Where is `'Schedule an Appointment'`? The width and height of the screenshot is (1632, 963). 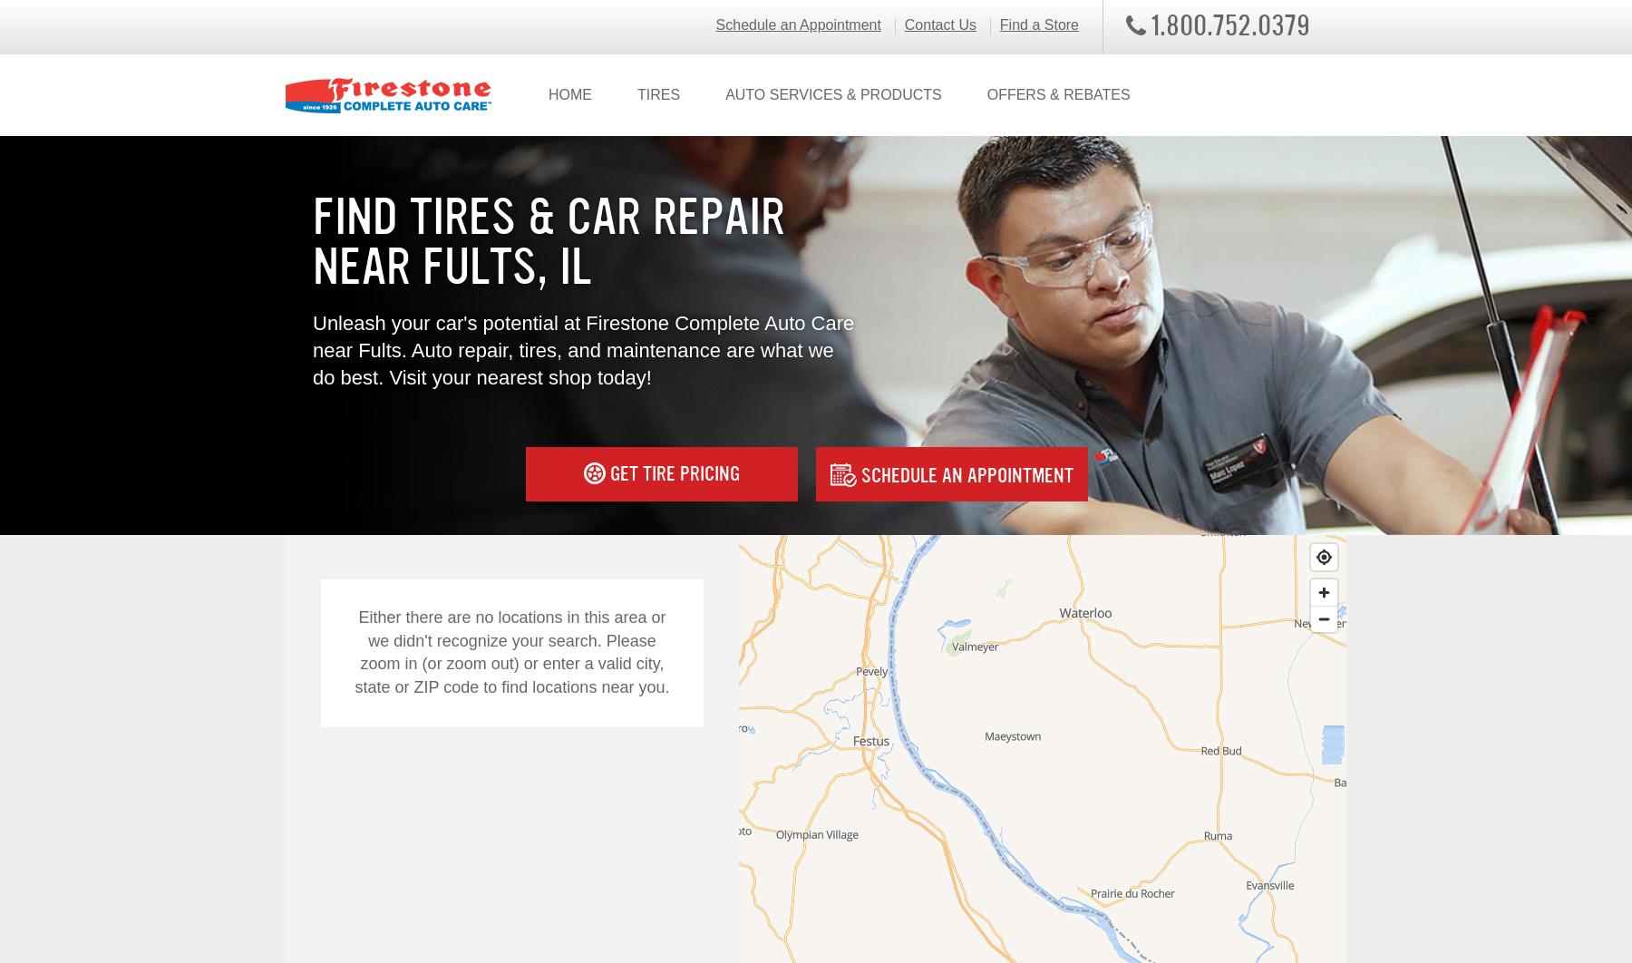 'Schedule an Appointment' is located at coordinates (965, 473).